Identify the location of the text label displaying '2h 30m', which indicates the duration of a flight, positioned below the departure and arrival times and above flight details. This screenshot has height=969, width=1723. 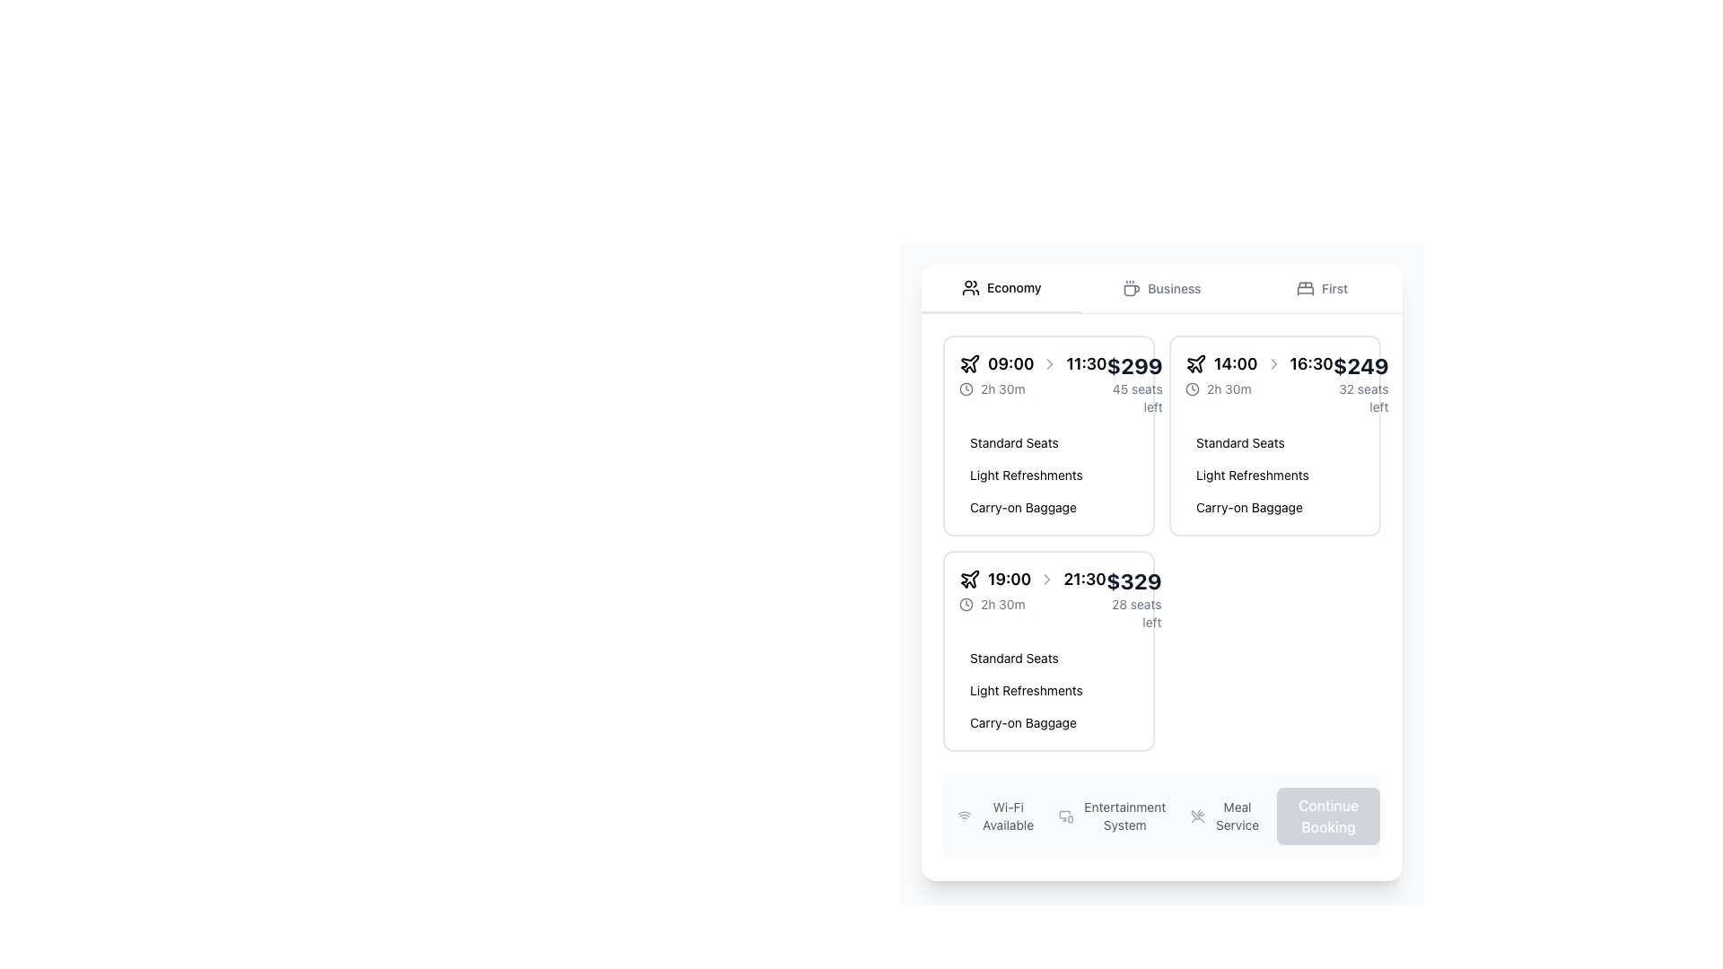
(1001, 605).